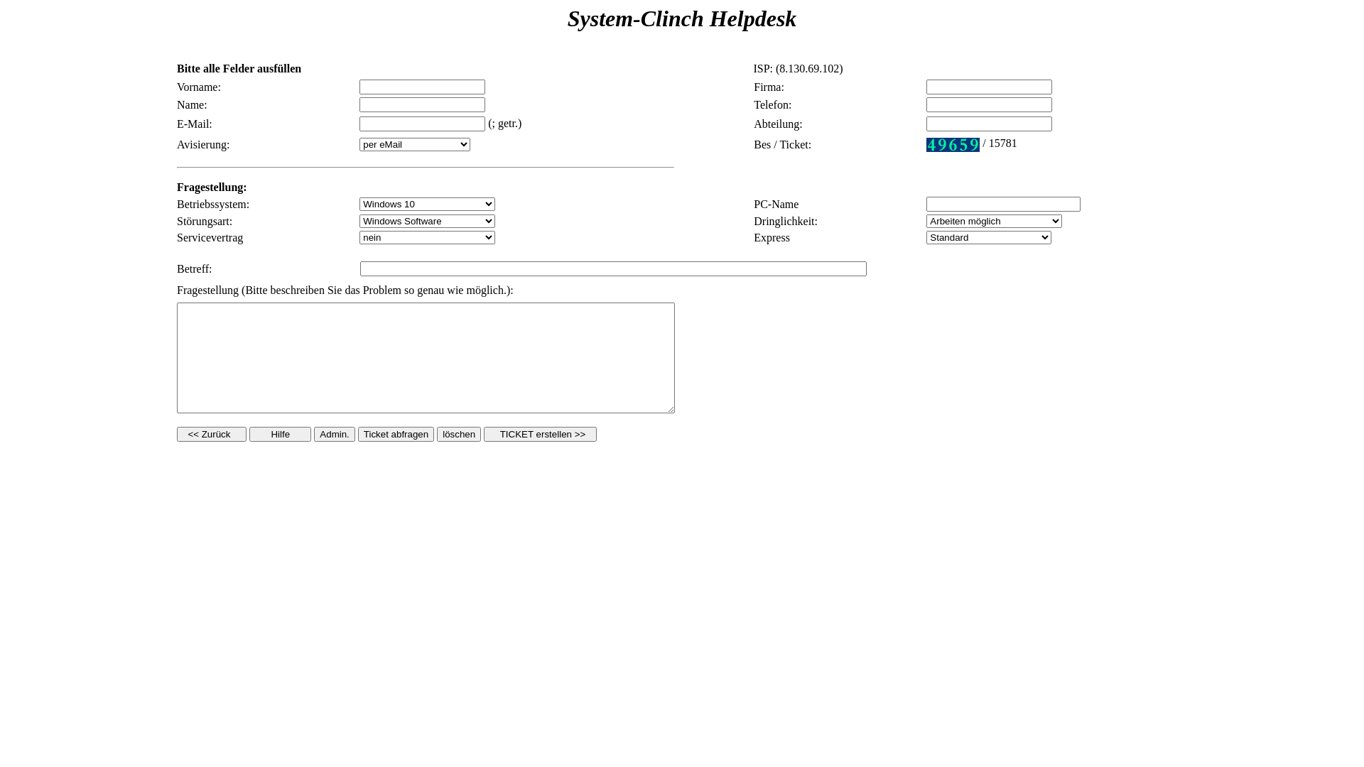 This screenshot has height=767, width=1364. What do you see at coordinates (333, 433) in the screenshot?
I see `'Admin.'` at bounding box center [333, 433].